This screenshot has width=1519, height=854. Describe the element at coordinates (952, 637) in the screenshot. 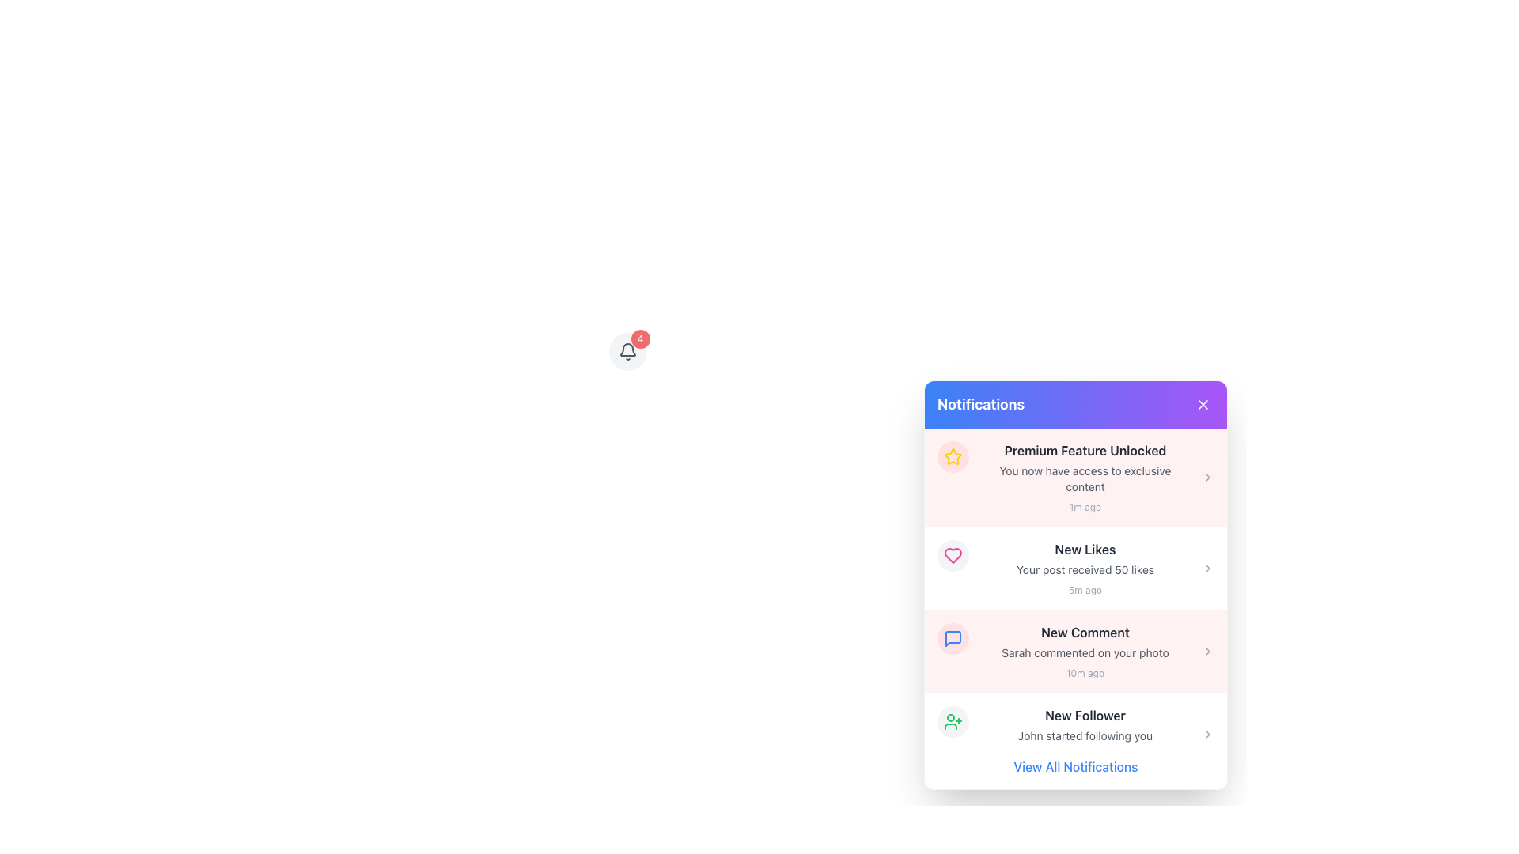

I see `the details of the prominent icon located on the leftmost side of the 'New Comment' notification item, adjacent to the text 'Sarah commented on your photo'` at that location.